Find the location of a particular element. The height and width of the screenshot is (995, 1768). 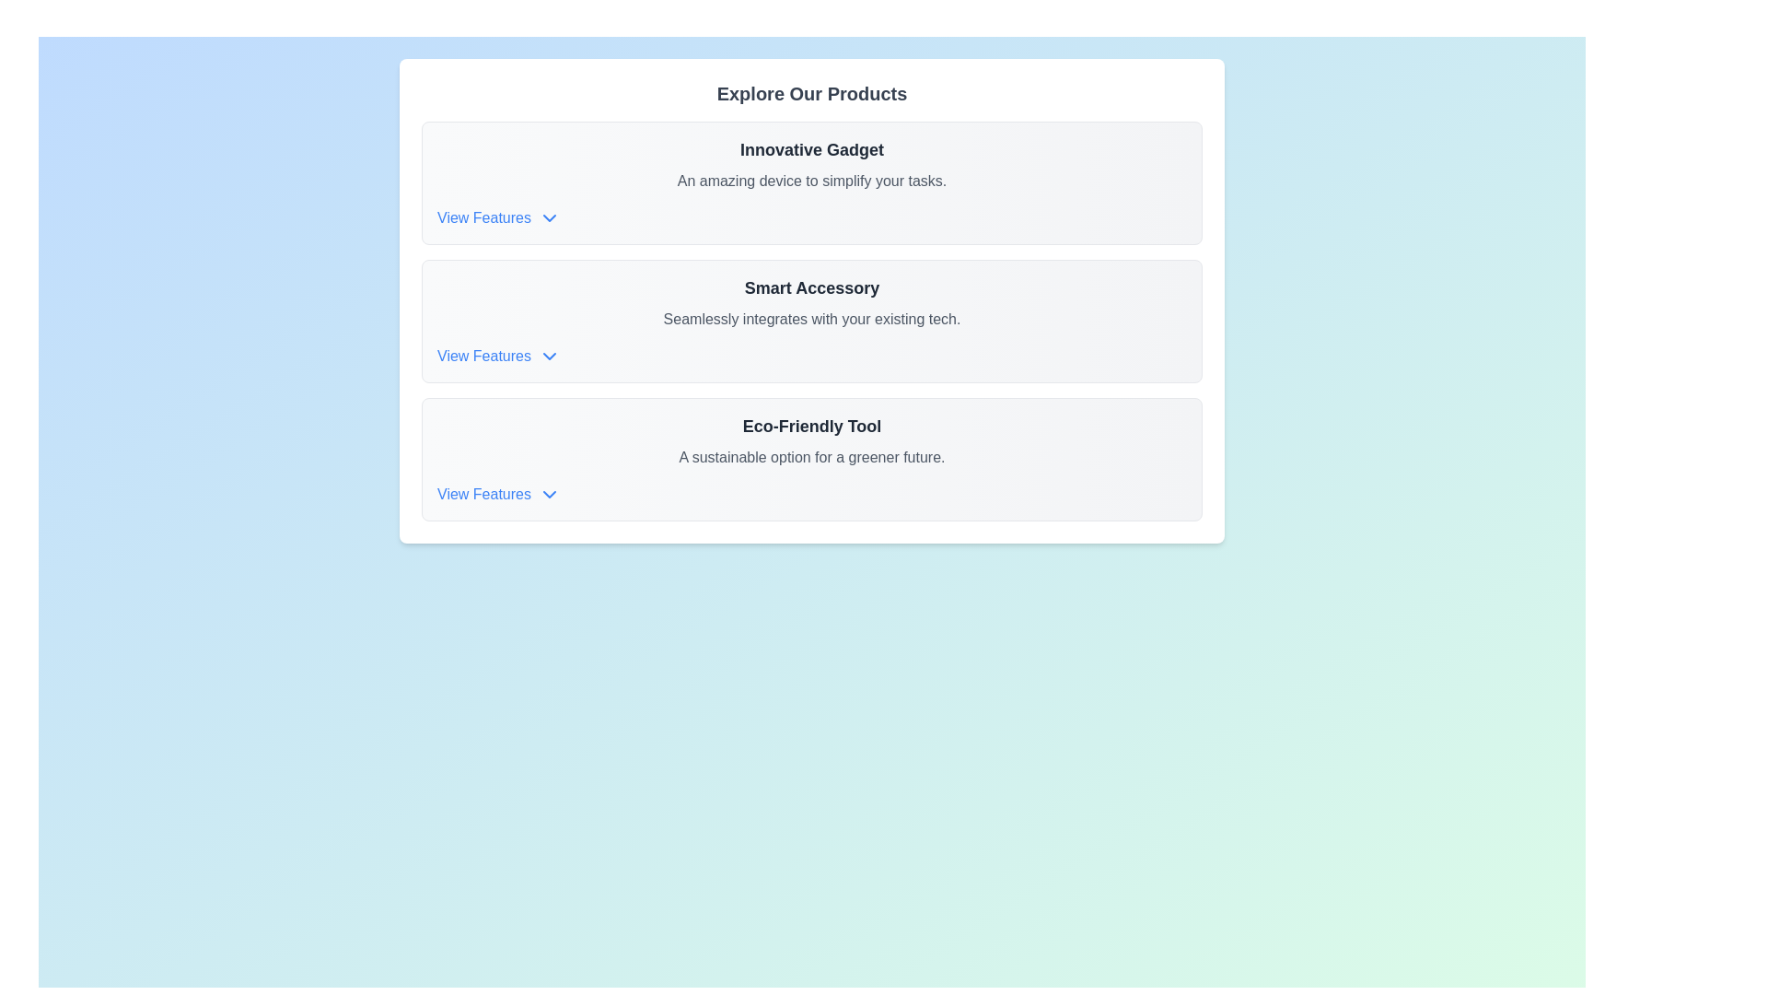

the static text element that reads 'A sustainable option for a greener future.' which is styled in gray font and positioned under the heading 'Eco-Friendly Tool.' is located at coordinates (811, 457).